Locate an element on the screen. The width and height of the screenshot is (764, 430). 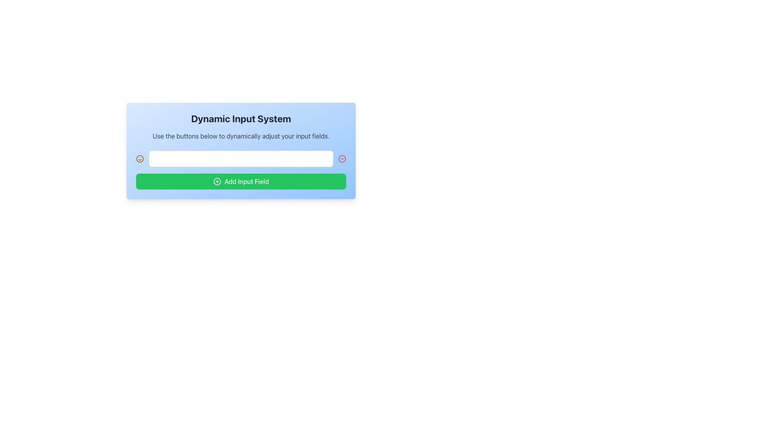
the Vector Graphic (Circle Shape) that indicates addition, located at the center of the 'Add Input Field' button is located at coordinates (217, 181).